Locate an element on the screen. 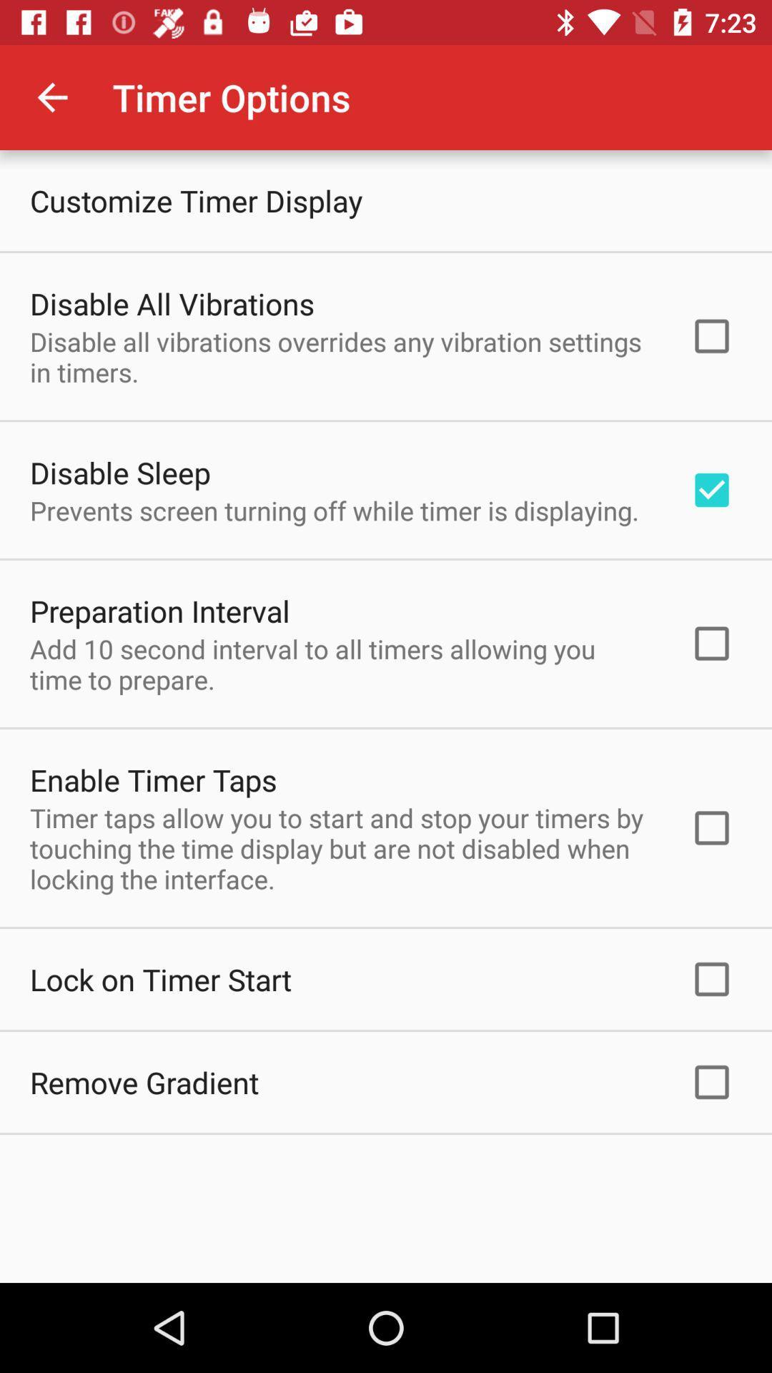  icon below timer taps allow item is located at coordinates (160, 978).